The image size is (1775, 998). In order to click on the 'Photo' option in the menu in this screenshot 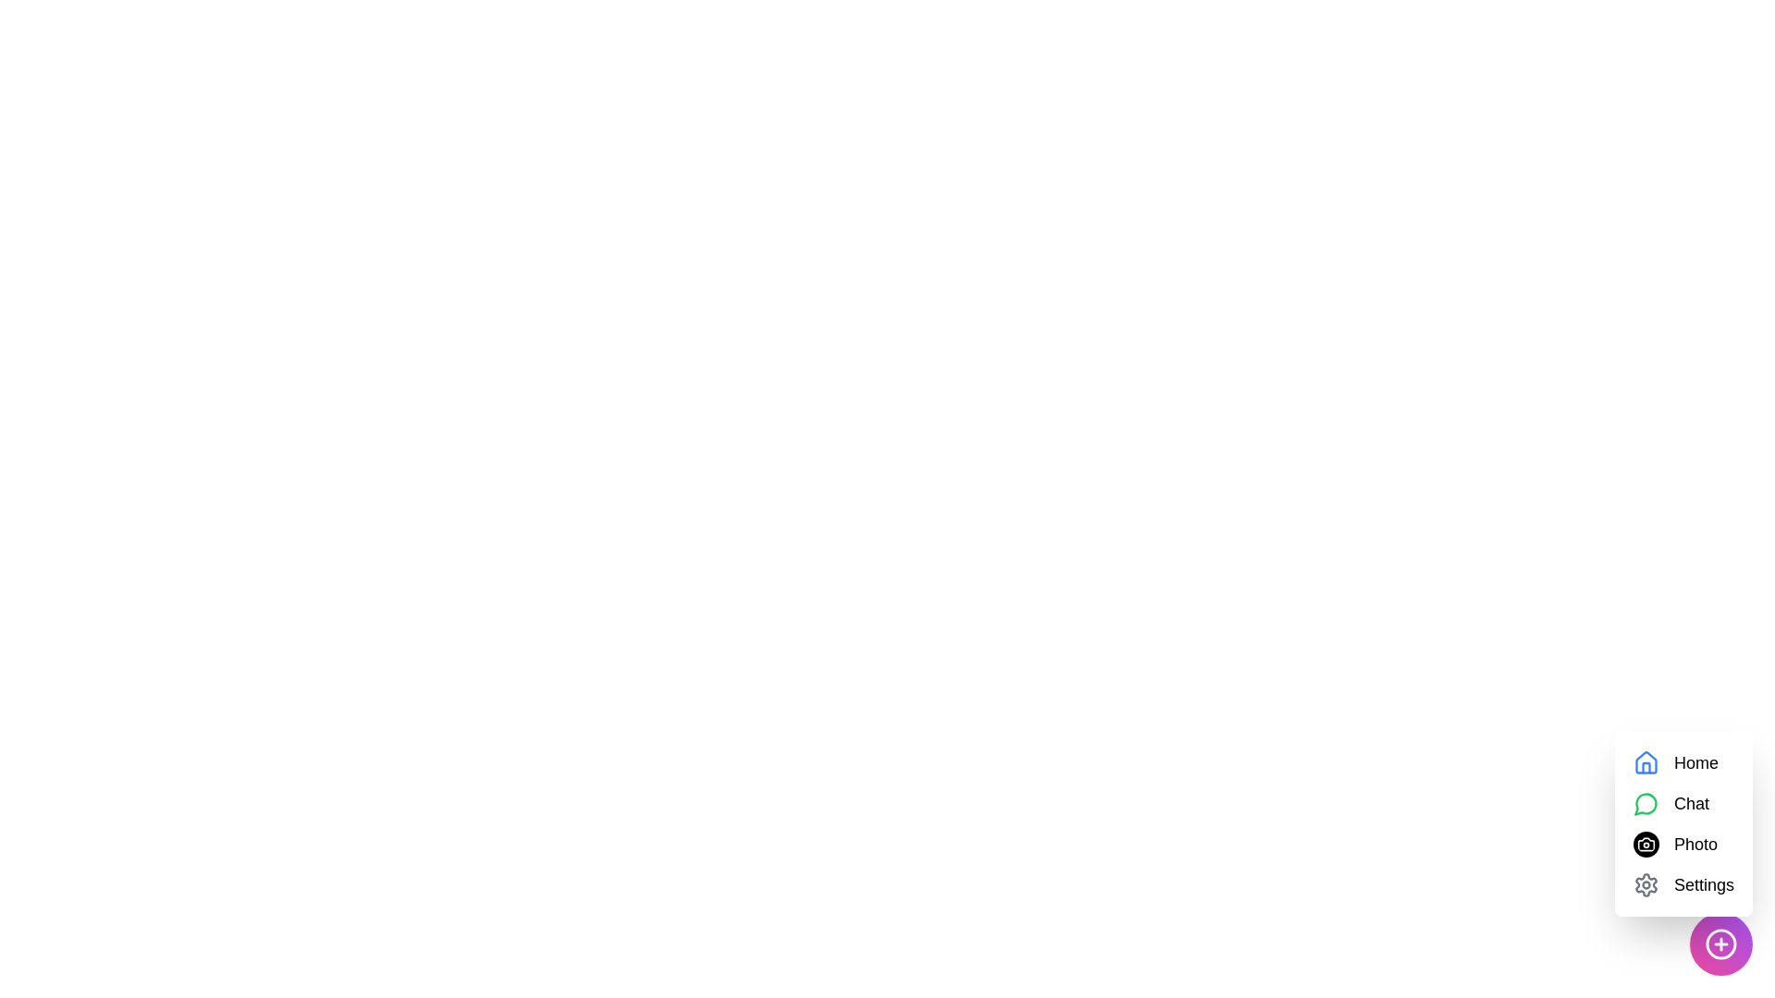, I will do `click(1695, 845)`.